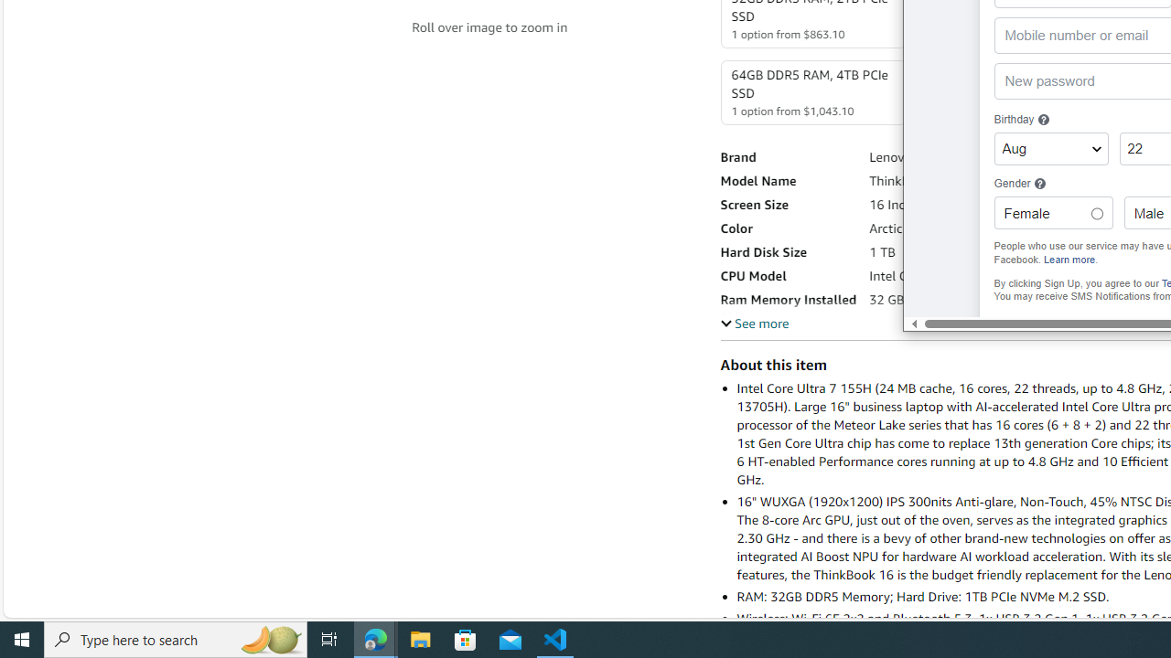 Image resolution: width=1171 pixels, height=658 pixels. Describe the element at coordinates (1069, 259) in the screenshot. I see `'Learn more'` at that location.